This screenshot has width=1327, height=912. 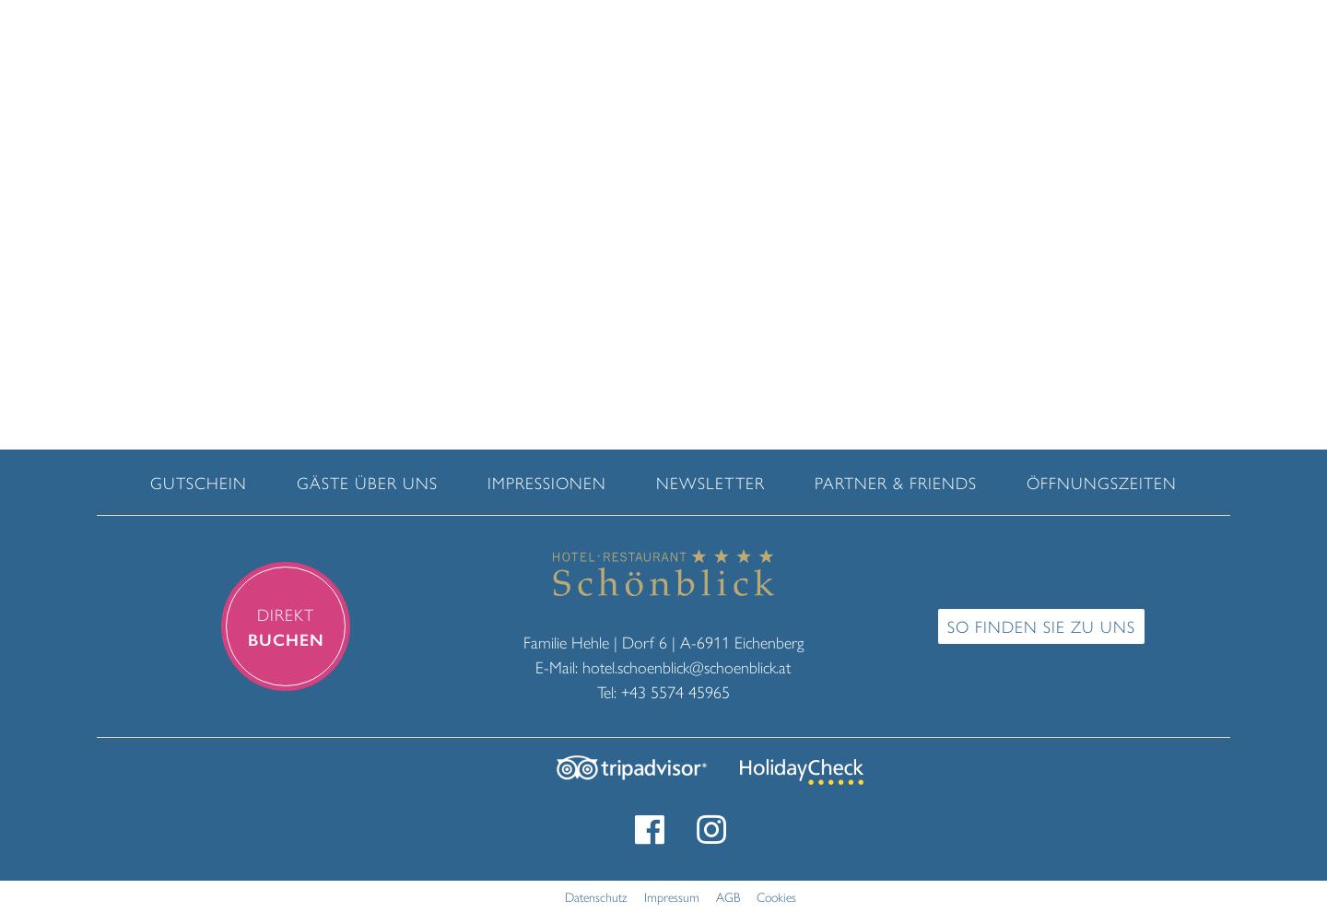 I want to click on 'AGB', so click(x=726, y=894).